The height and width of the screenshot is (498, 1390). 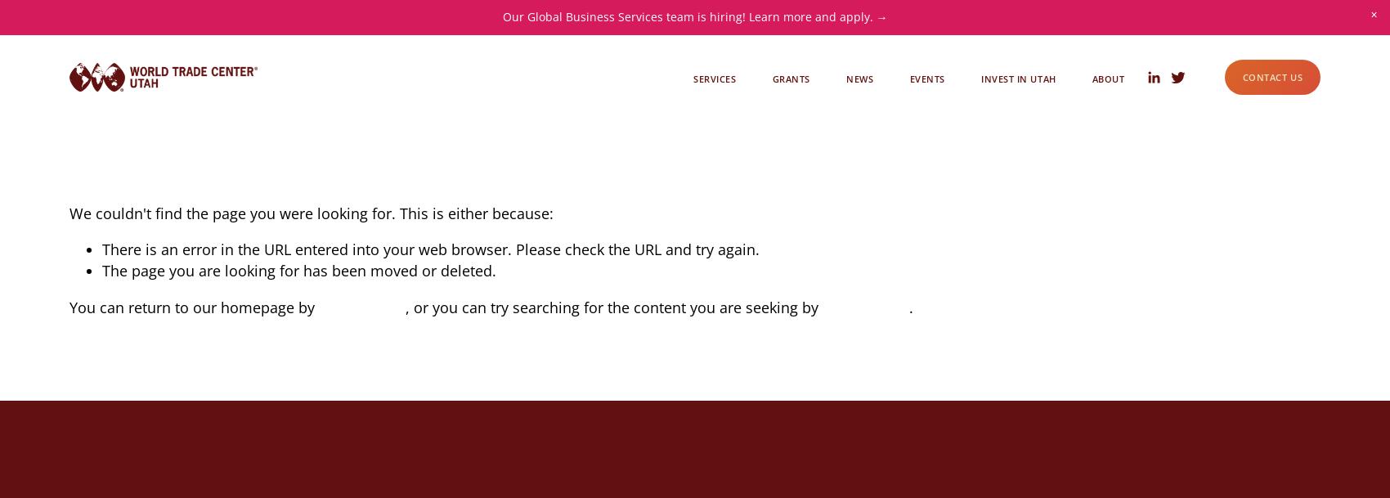 What do you see at coordinates (1061, 124) in the screenshot?
I see `'Global Advisory Board'` at bounding box center [1061, 124].